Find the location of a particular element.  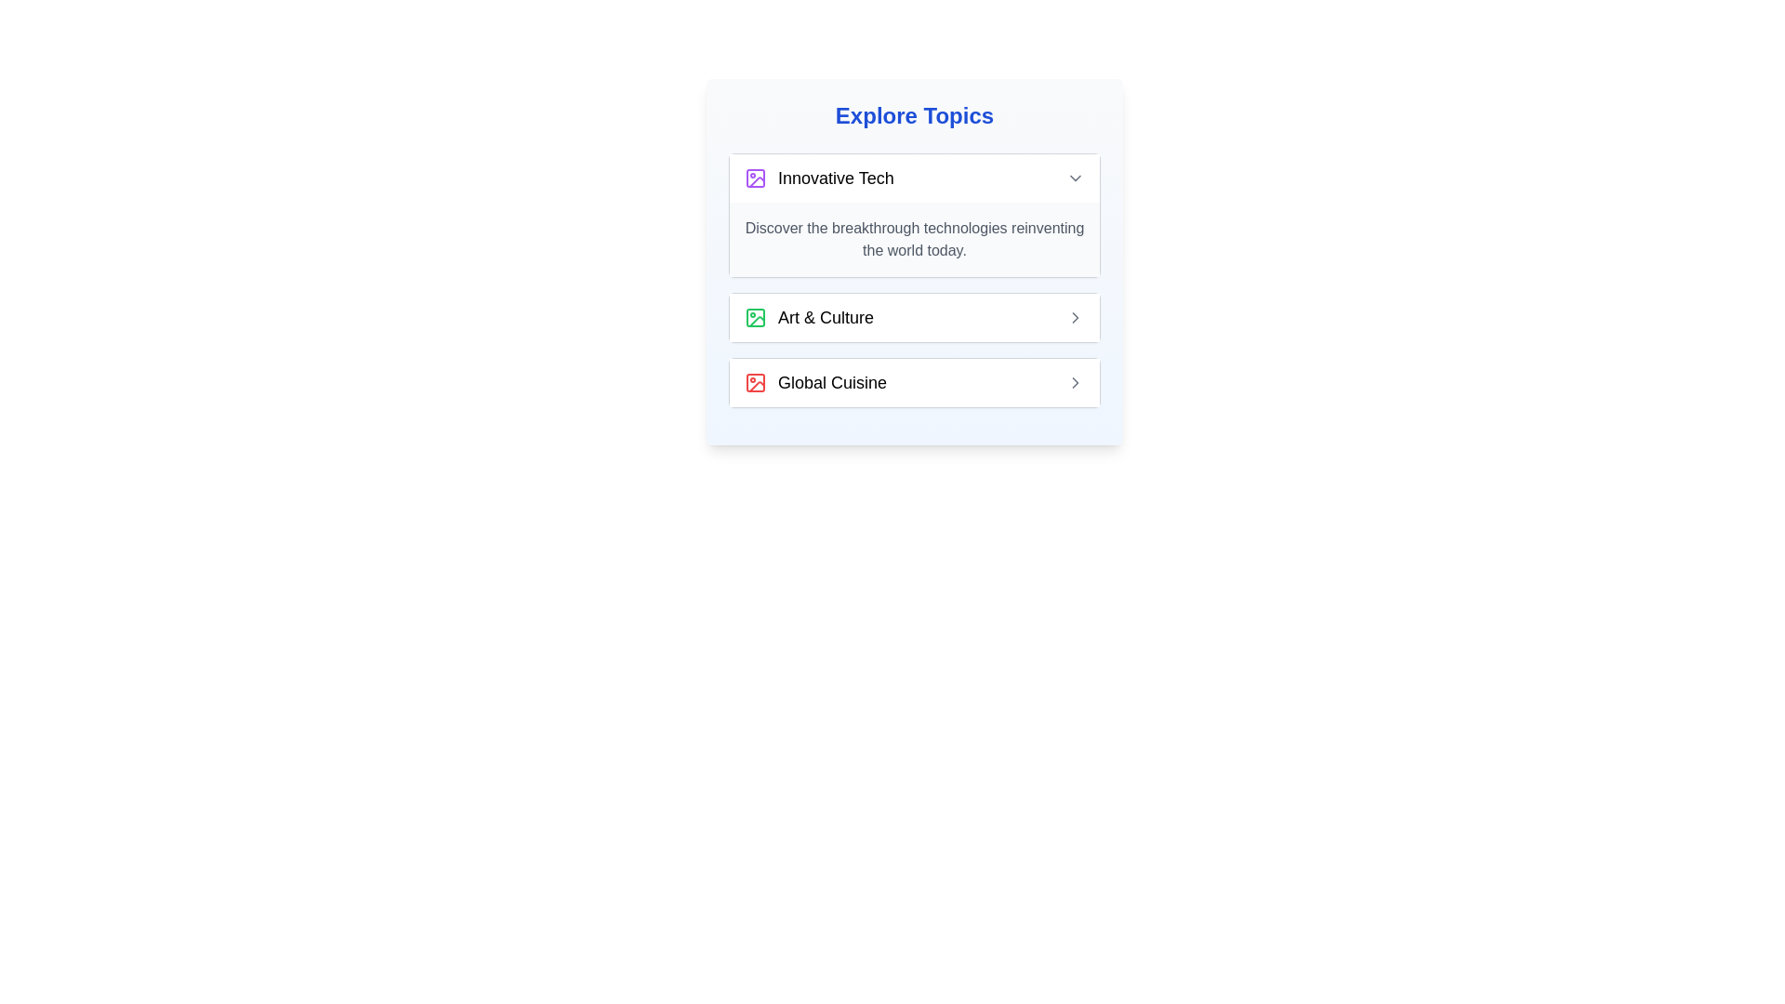

the Labeled Icon Component representing the 'Innovative Tech' topic is located at coordinates (818, 178).